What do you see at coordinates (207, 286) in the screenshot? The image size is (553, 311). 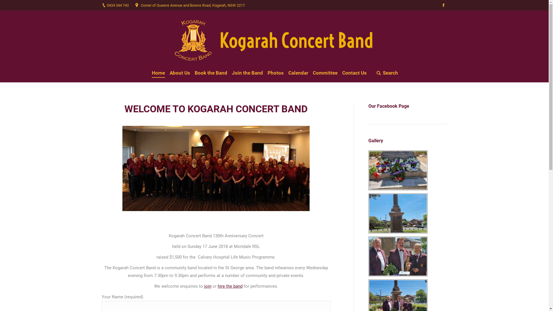 I see `'join'` at bounding box center [207, 286].